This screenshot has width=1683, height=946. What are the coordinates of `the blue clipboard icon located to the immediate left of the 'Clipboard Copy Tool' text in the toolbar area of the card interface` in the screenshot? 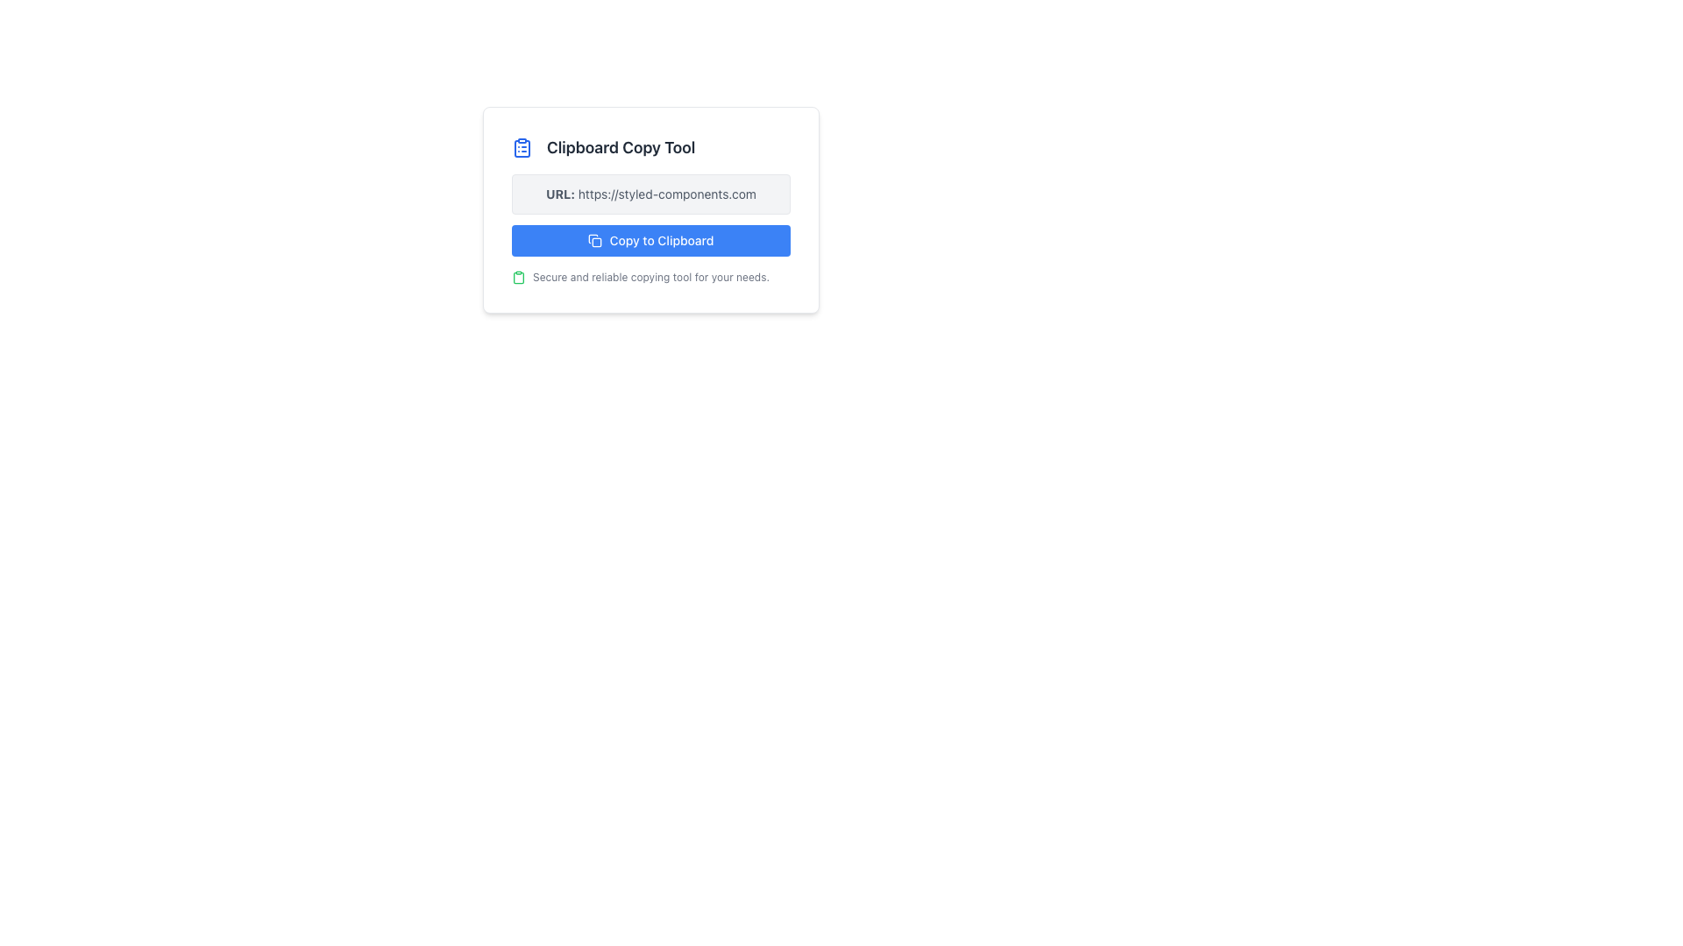 It's located at (521, 147).